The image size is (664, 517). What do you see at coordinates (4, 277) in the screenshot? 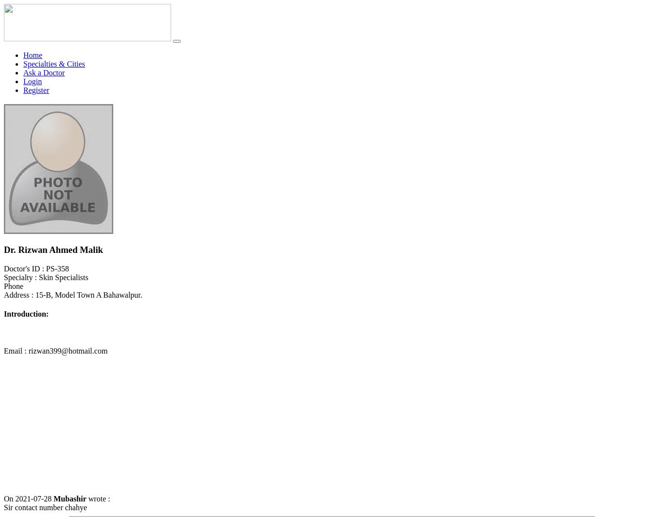
I see `'Specialty : Skin Specialists'` at bounding box center [4, 277].